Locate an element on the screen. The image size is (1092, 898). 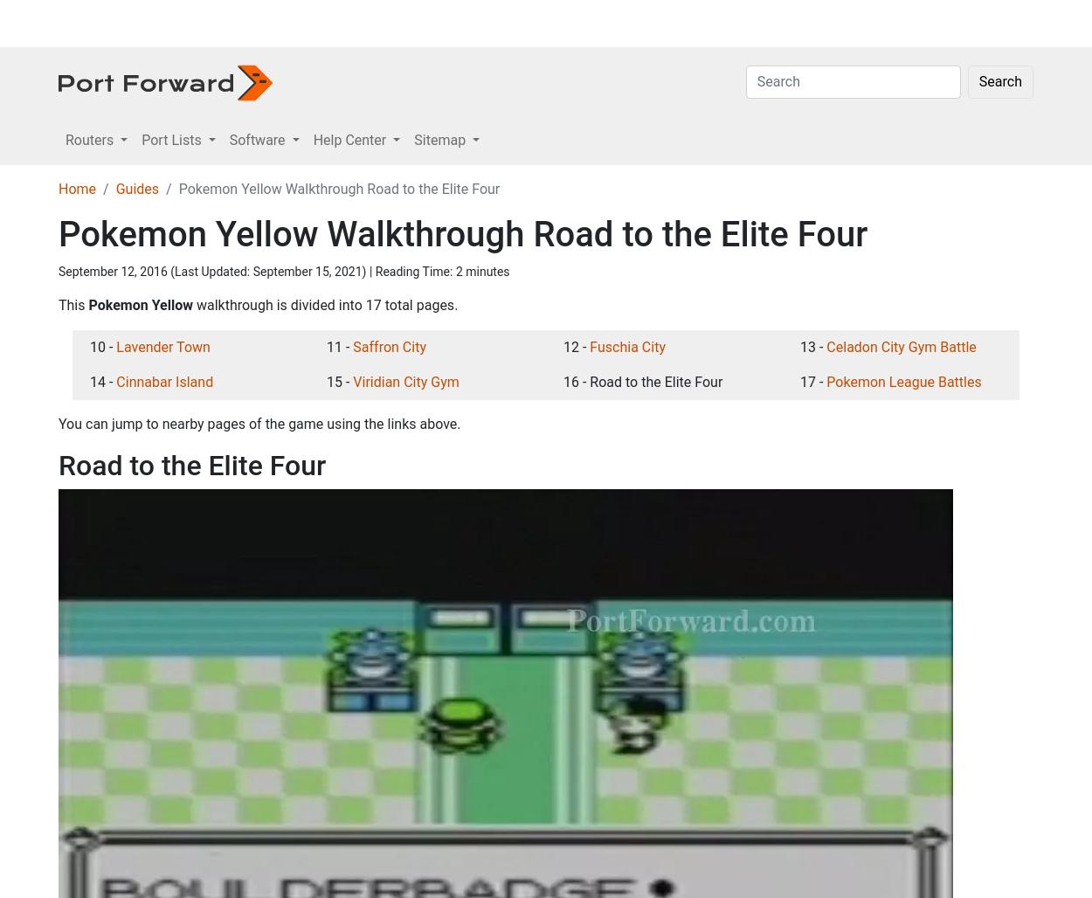
'Sitemap' is located at coordinates (533, 23).